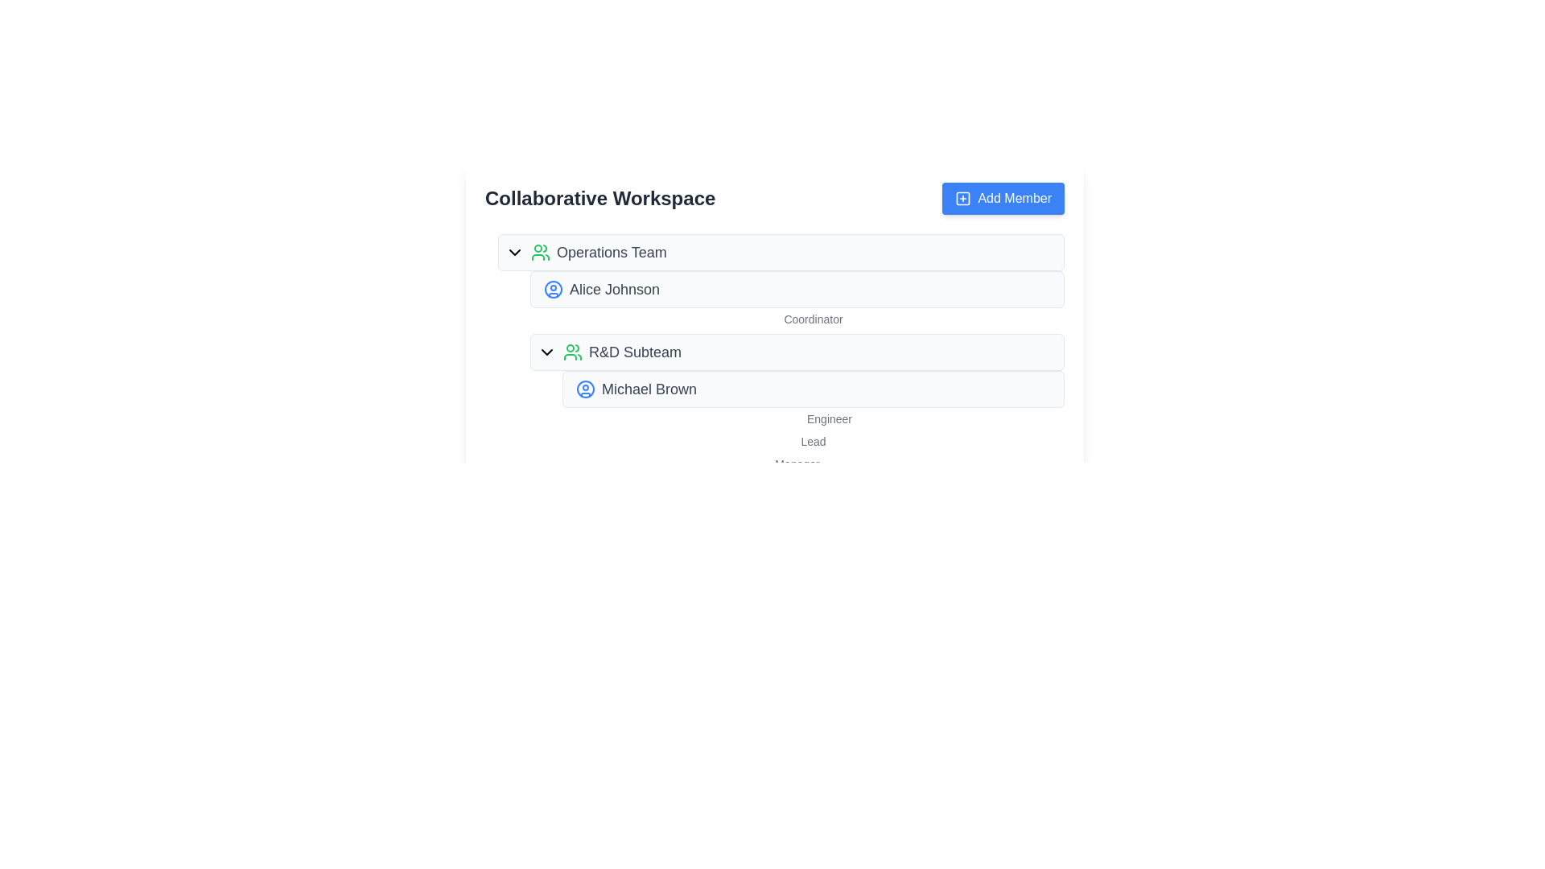 This screenshot has width=1545, height=869. What do you see at coordinates (601, 288) in the screenshot?
I see `the 'Alice Johnson' label to interact with the member's details` at bounding box center [601, 288].